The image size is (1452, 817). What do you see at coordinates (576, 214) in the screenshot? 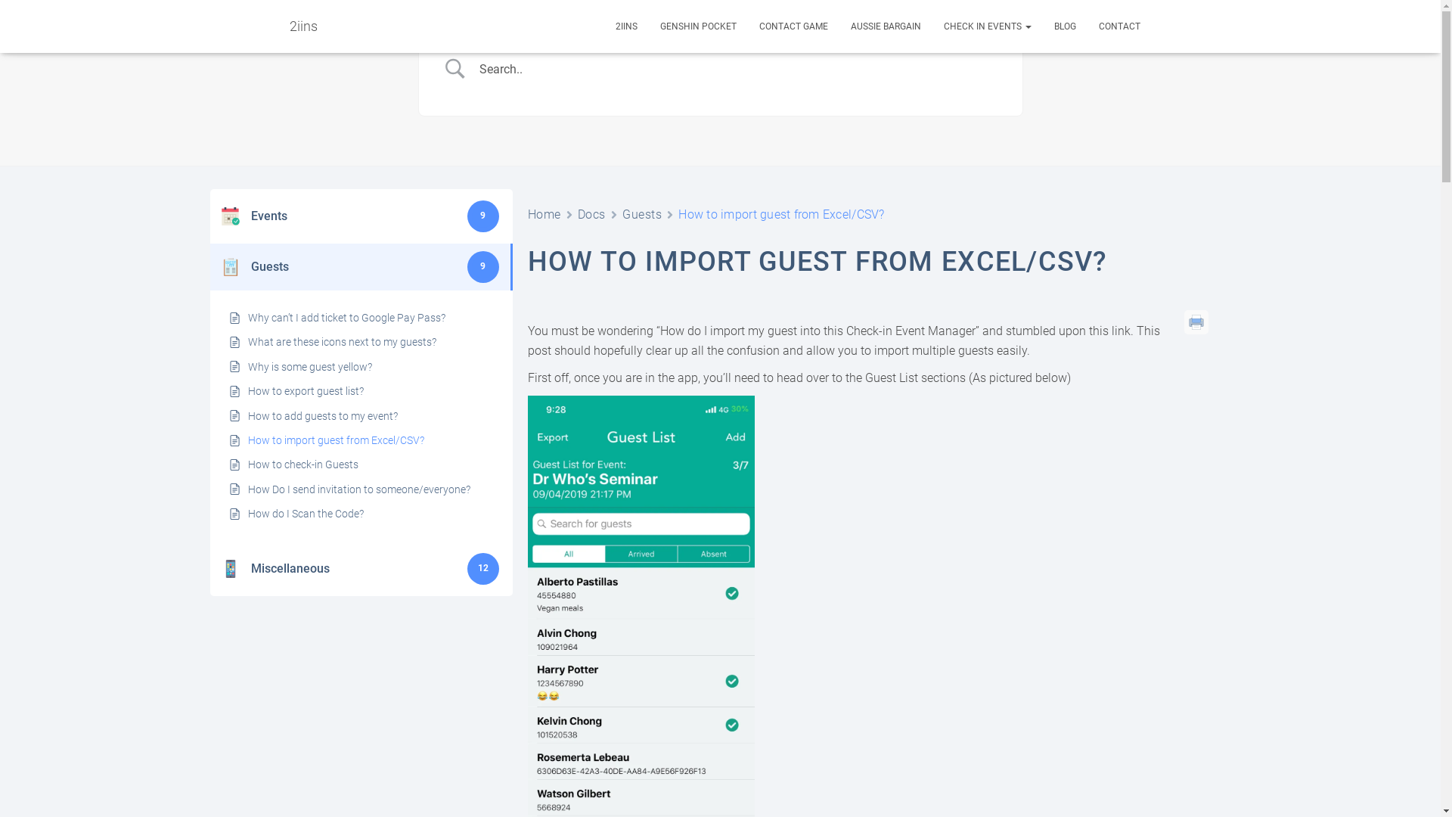
I see `'Docs'` at bounding box center [576, 214].